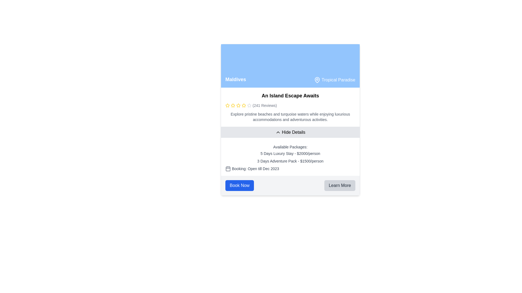  Describe the element at coordinates (278, 132) in the screenshot. I see `the icon located on the left side of the 'Hide Details' button, which is positioned at the top-center region of the interface` at that location.